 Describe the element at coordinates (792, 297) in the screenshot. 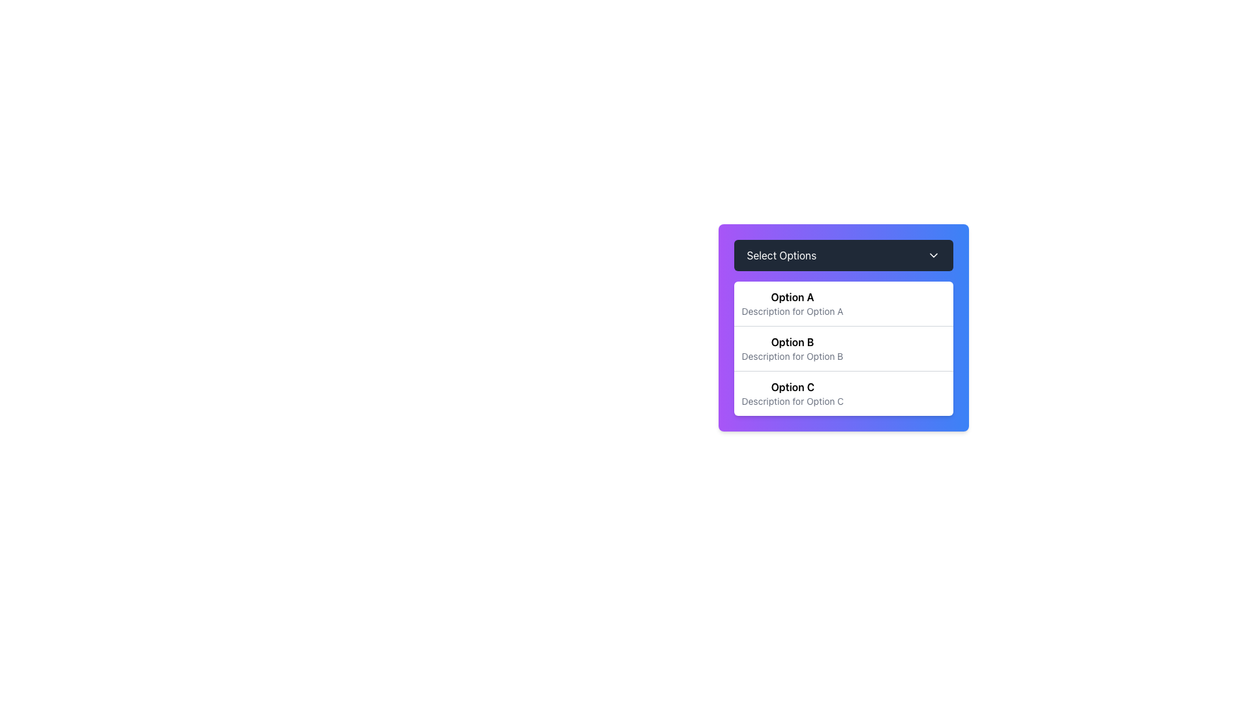

I see `the text label 'Option A' in the dropdown menu for potential additional interactions` at that location.